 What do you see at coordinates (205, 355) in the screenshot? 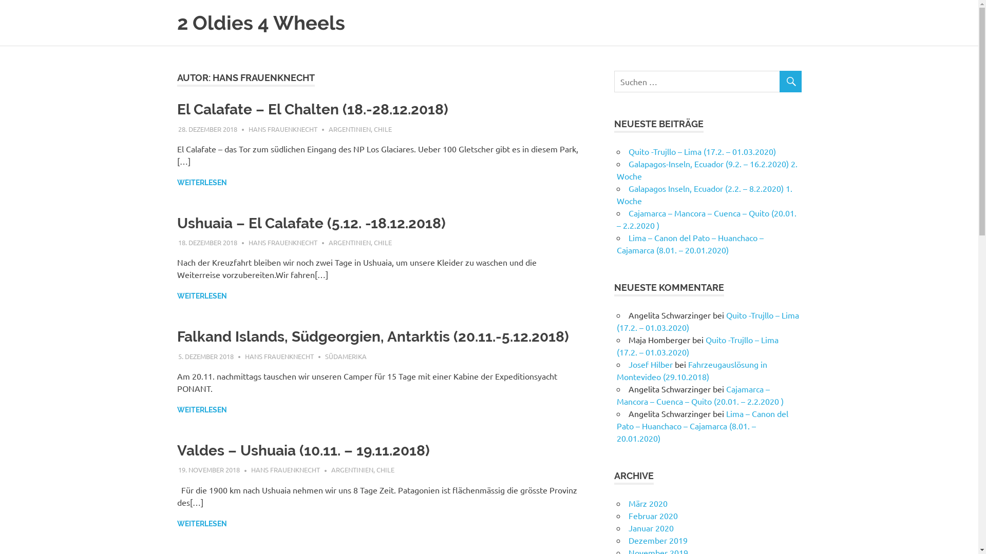
I see `'5. DEZEMBER 2018'` at bounding box center [205, 355].